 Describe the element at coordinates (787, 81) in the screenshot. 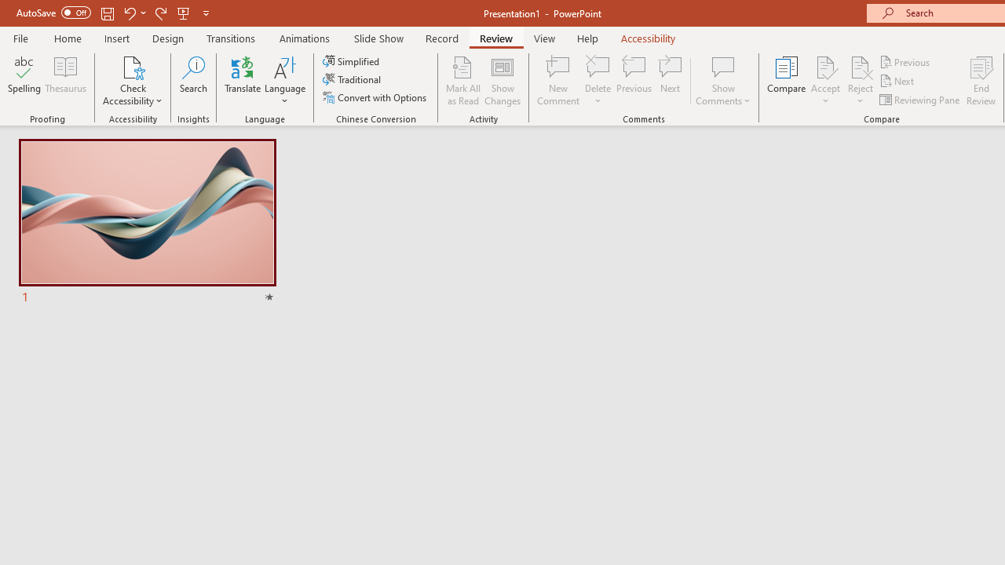

I see `'Compare'` at that location.